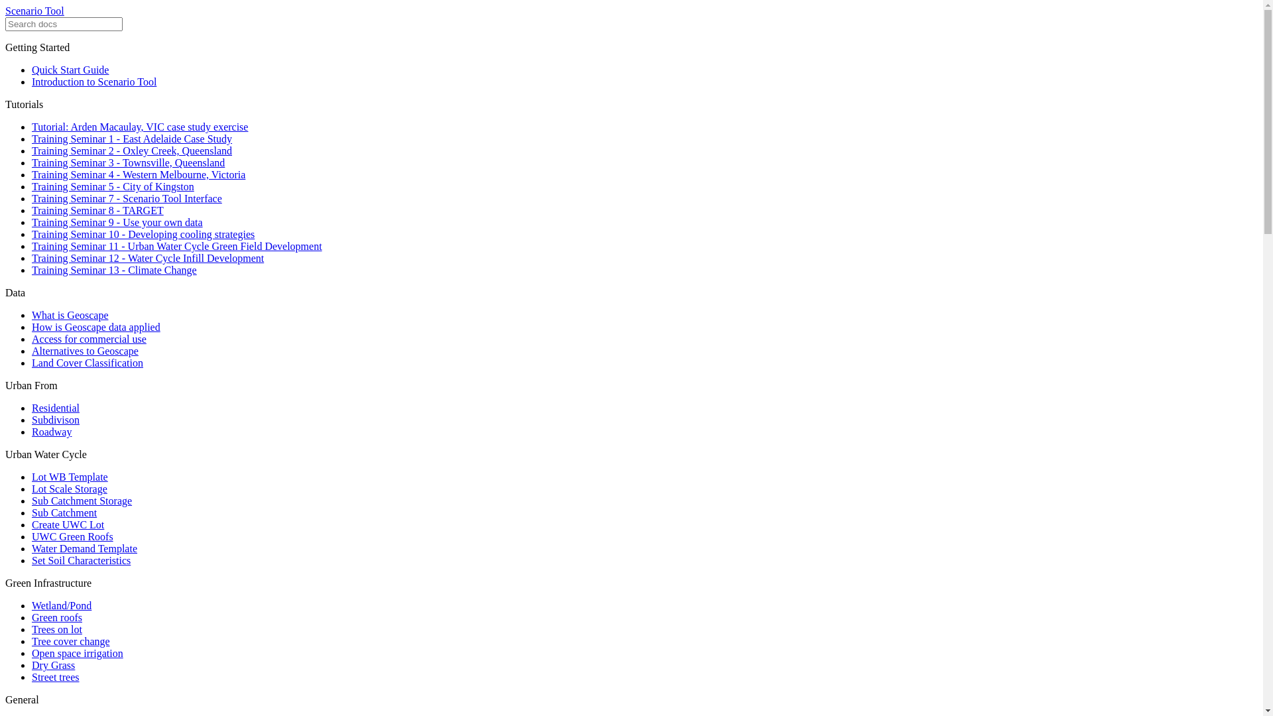 This screenshot has height=716, width=1273. Describe the element at coordinates (54, 677) in the screenshot. I see `'Street trees'` at that location.